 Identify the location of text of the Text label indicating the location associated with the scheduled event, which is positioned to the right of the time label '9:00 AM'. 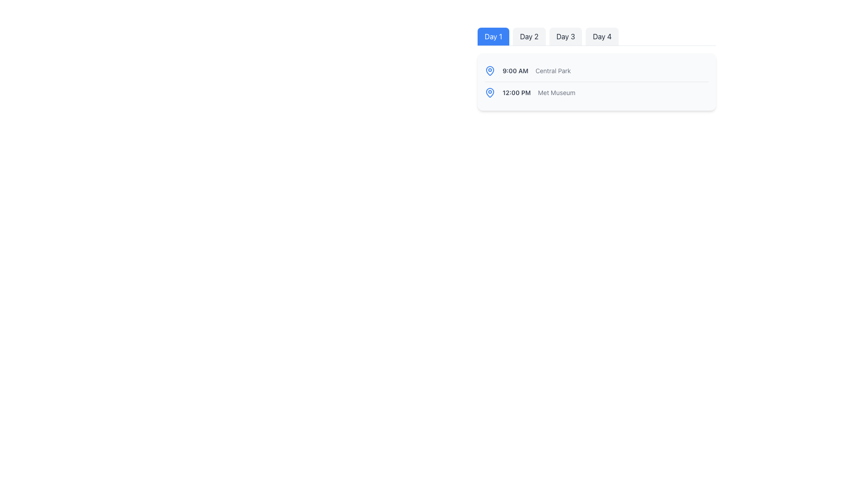
(553, 70).